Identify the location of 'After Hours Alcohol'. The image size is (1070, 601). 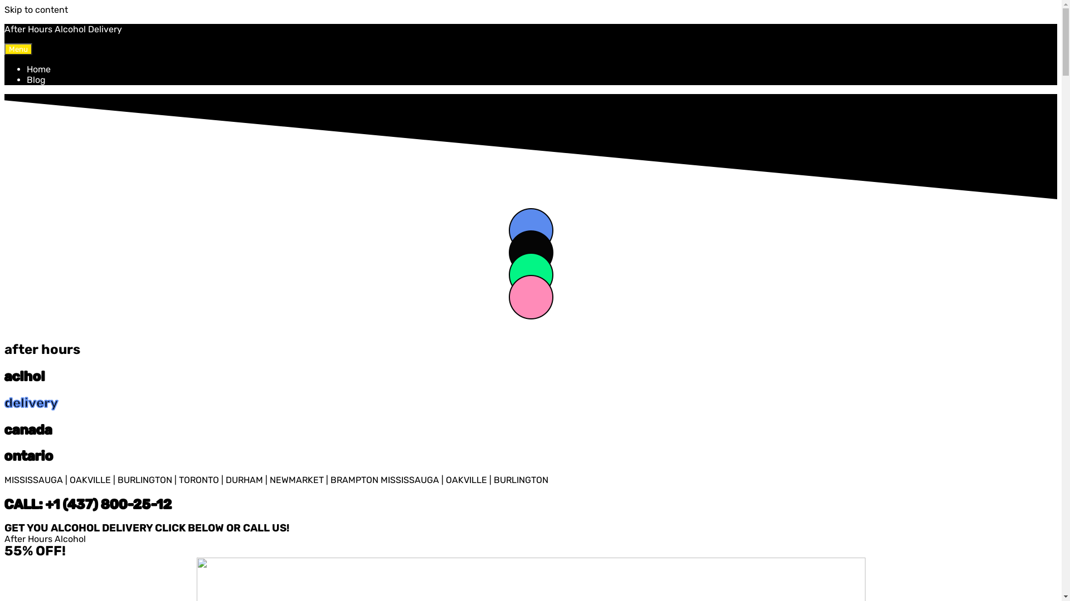
(45, 538).